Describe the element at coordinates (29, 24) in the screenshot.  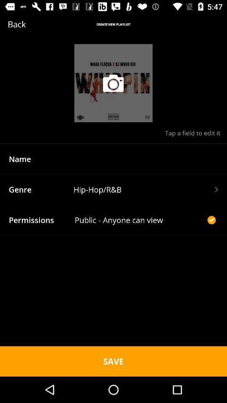
I see `the icon to the left of create new playlist icon` at that location.